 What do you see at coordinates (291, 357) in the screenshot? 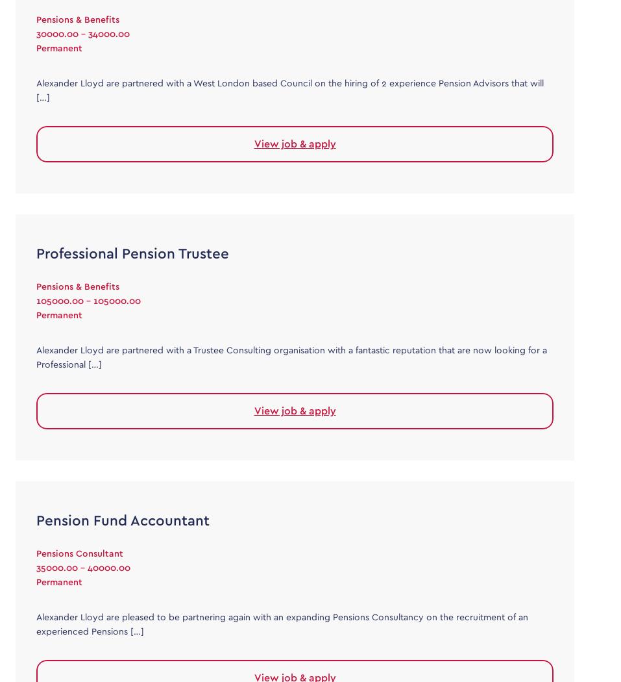
I see `'Alexander Lloyd are partnered with a Trustee Consulting organisation with a fantastic reputation that are now looking for a Professional […]'` at bounding box center [291, 357].